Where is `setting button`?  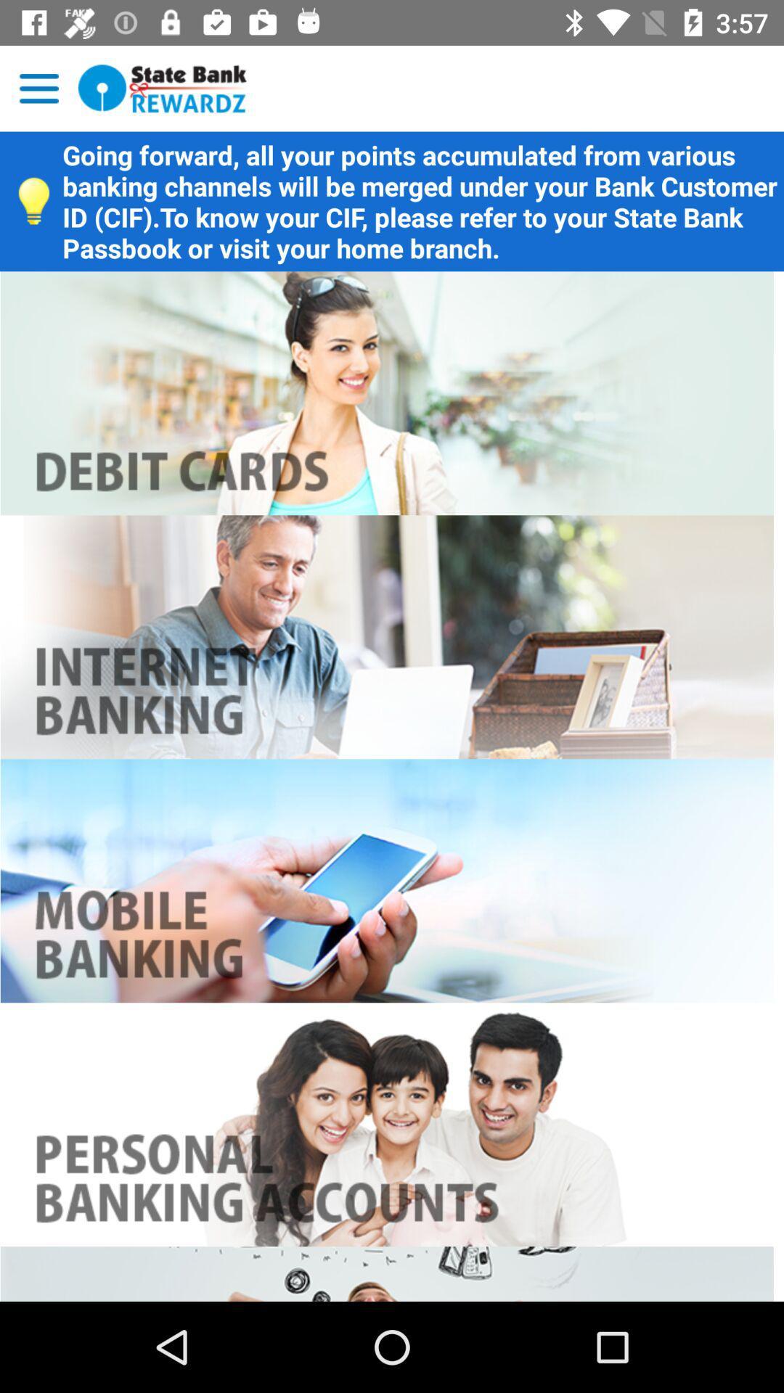
setting button is located at coordinates (38, 88).